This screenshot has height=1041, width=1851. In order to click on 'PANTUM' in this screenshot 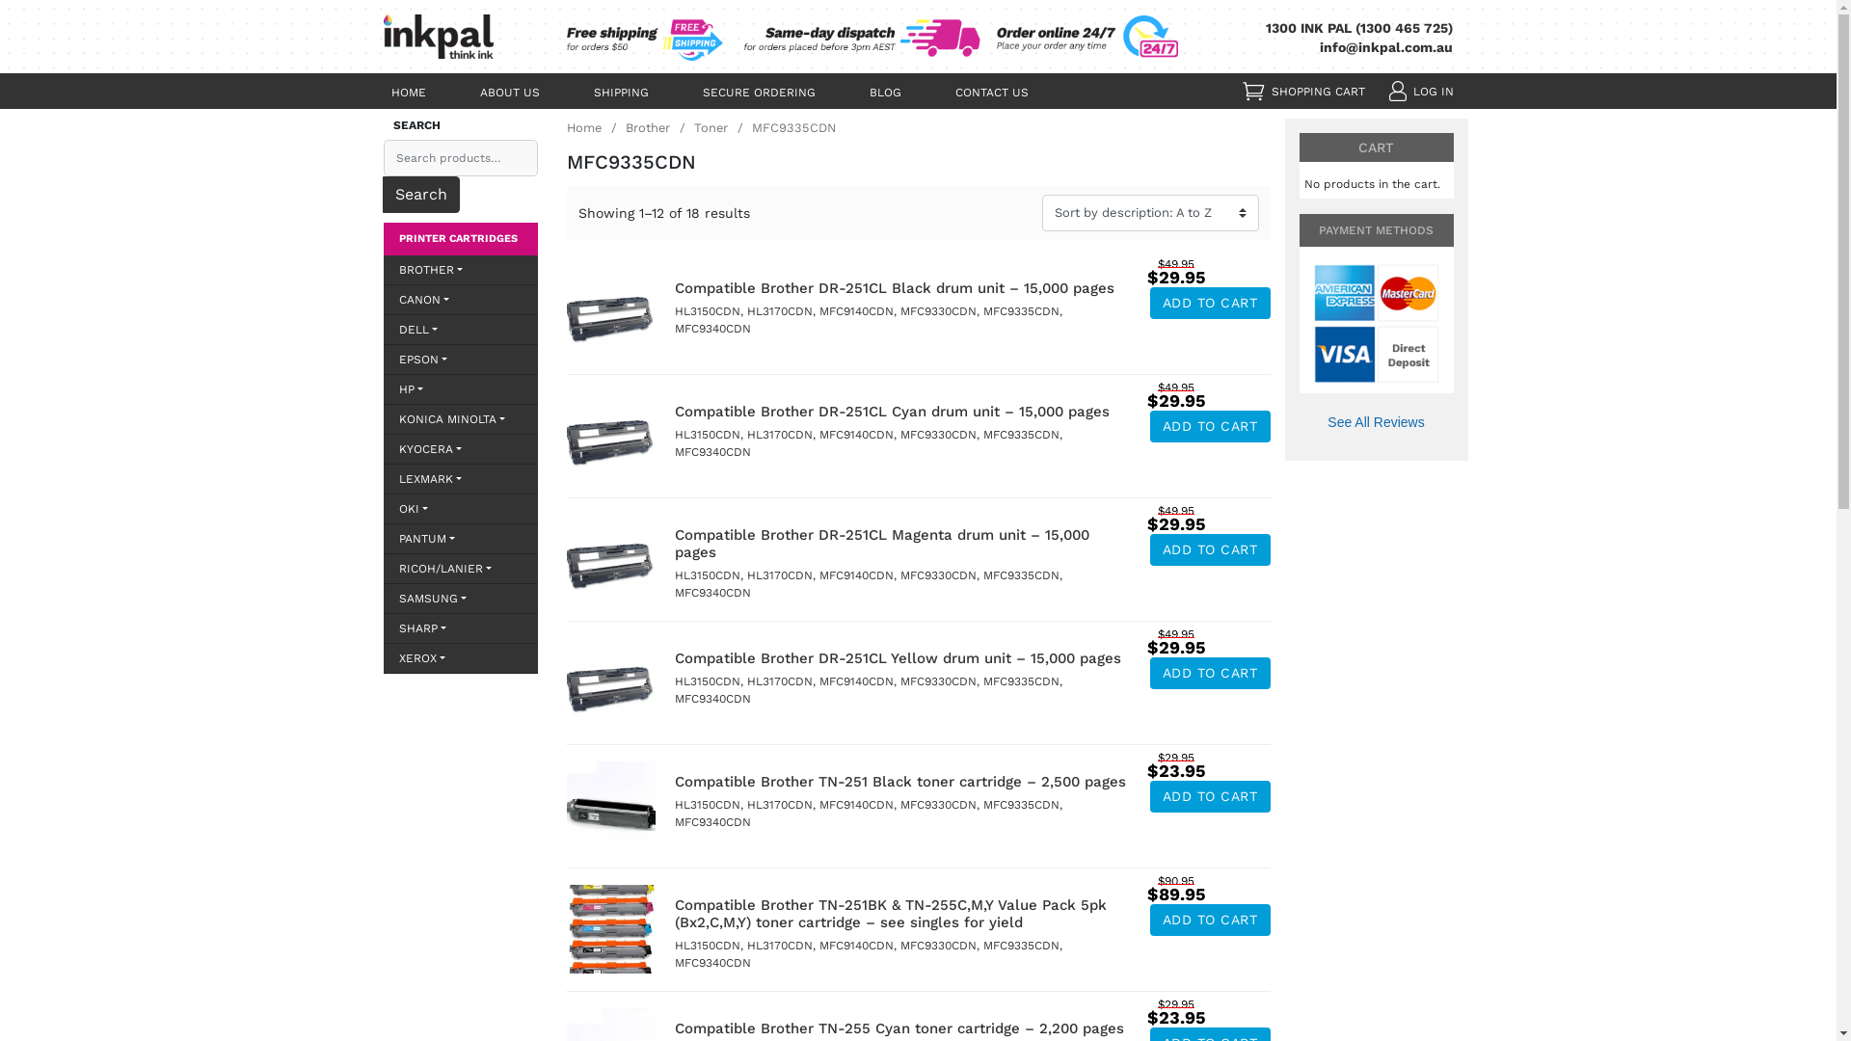, I will do `click(384, 539)`.